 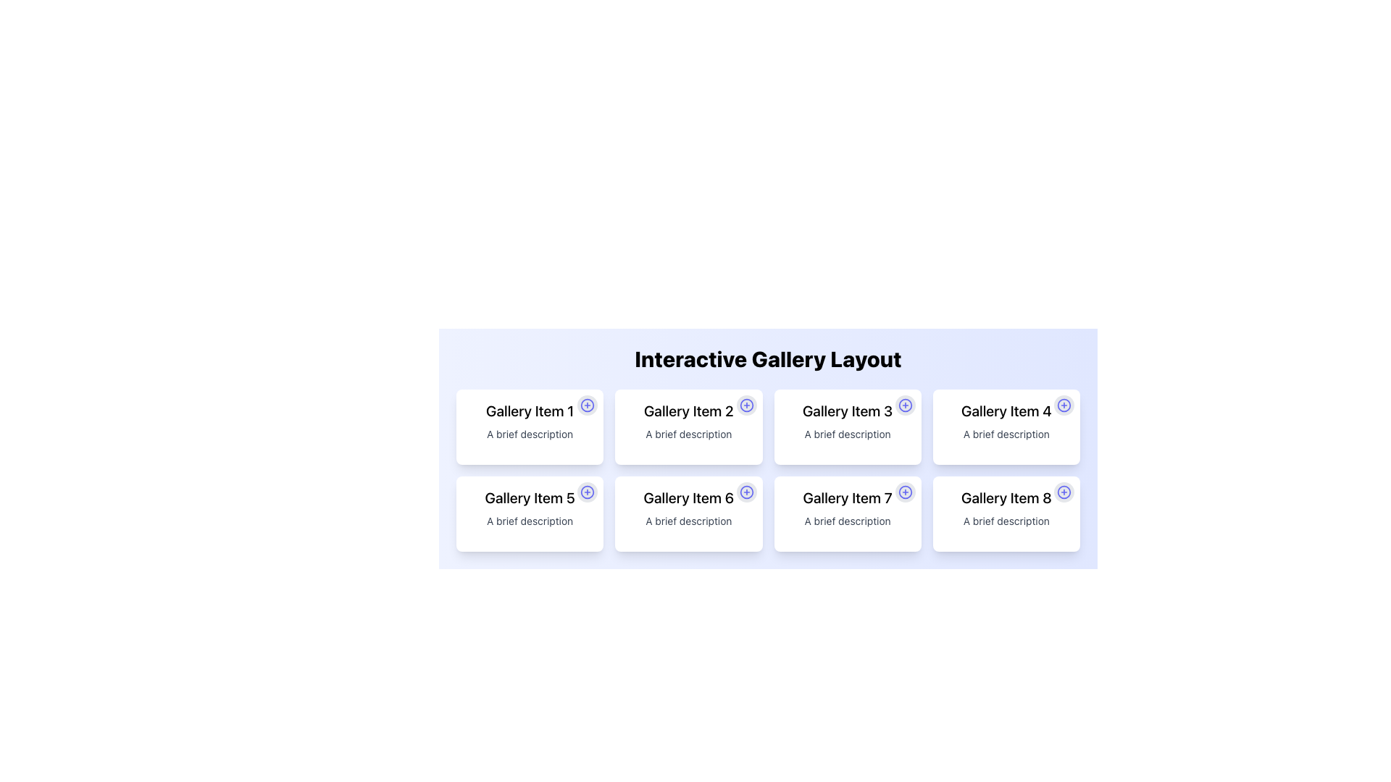 I want to click on the text label displaying 'Gallery Item 7' in bold font, which is located in the fourth column of the gallery layout's lower row, so click(x=848, y=497).